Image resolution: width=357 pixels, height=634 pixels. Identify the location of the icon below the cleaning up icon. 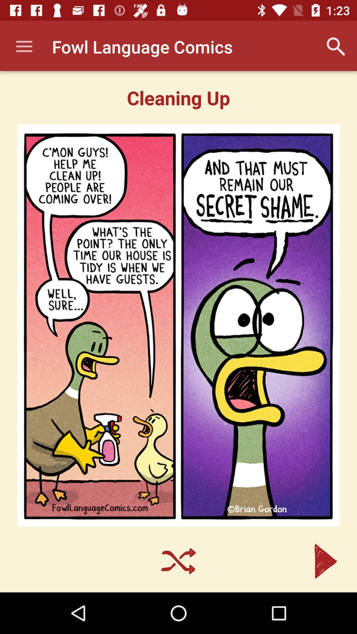
(178, 325).